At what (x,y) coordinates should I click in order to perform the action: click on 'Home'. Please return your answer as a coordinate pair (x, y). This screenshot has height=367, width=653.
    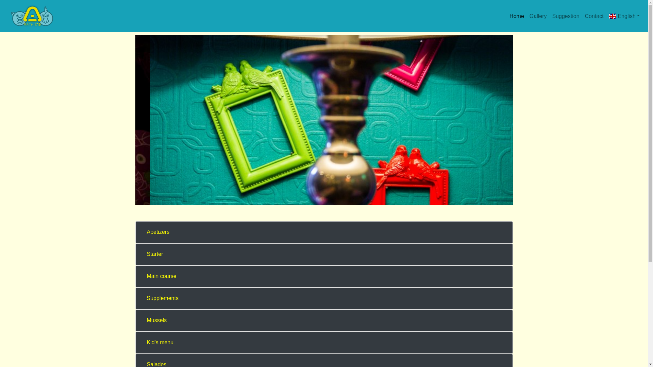
    Looking at the image, I should click on (517, 16).